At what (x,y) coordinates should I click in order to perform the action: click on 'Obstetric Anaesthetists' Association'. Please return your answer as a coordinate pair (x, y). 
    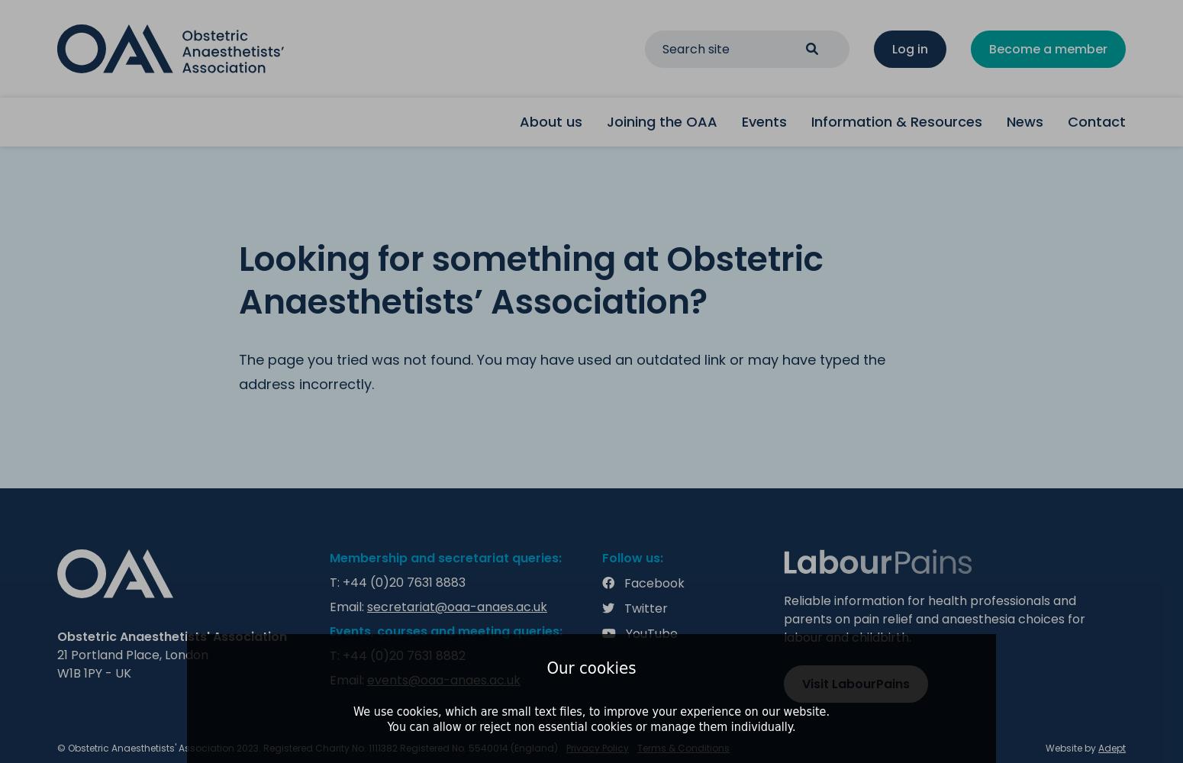
    Looking at the image, I should click on (171, 636).